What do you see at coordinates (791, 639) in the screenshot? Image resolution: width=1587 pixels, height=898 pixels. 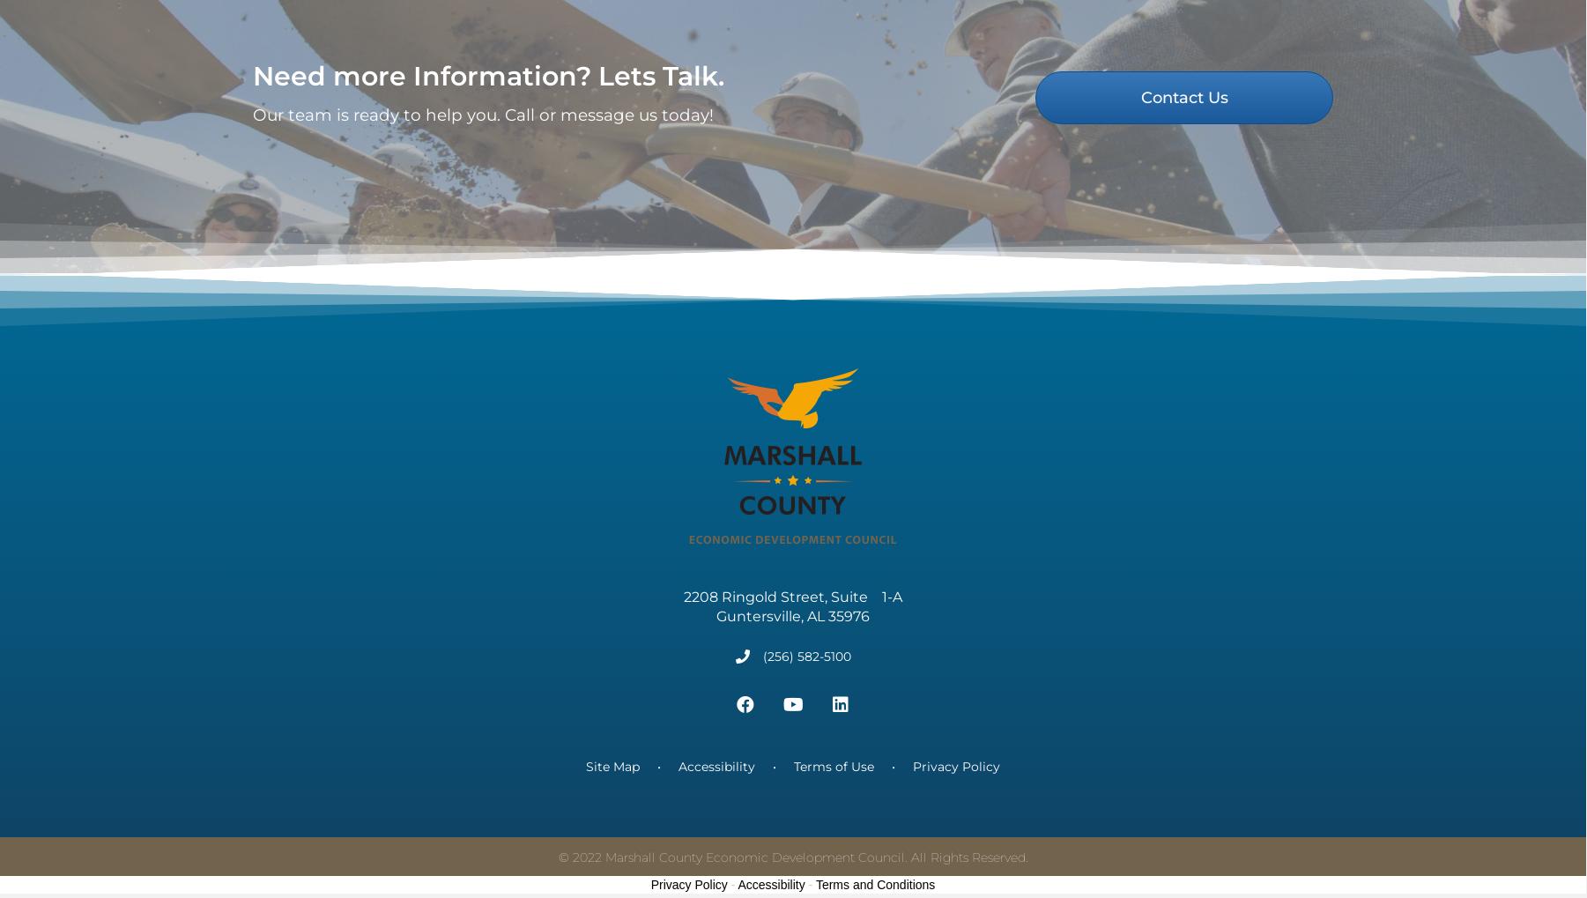 I see `'Guntersville, AL 35976'` at bounding box center [791, 639].